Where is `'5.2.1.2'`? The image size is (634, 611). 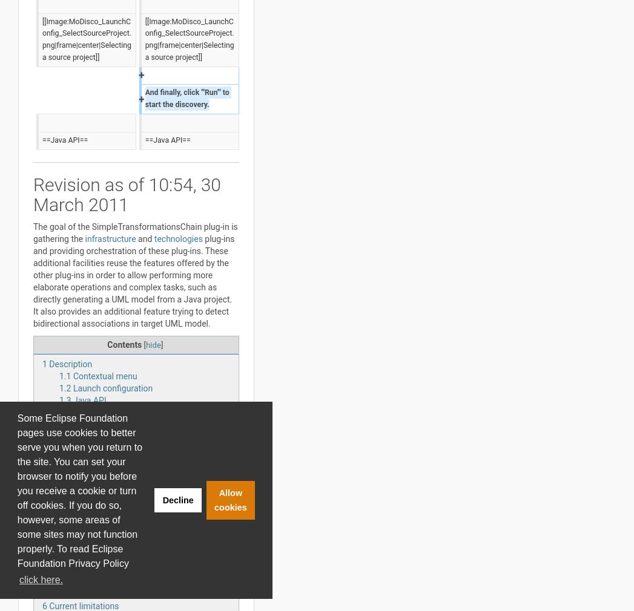
'5.2.1.2' is located at coordinates (105, 521).